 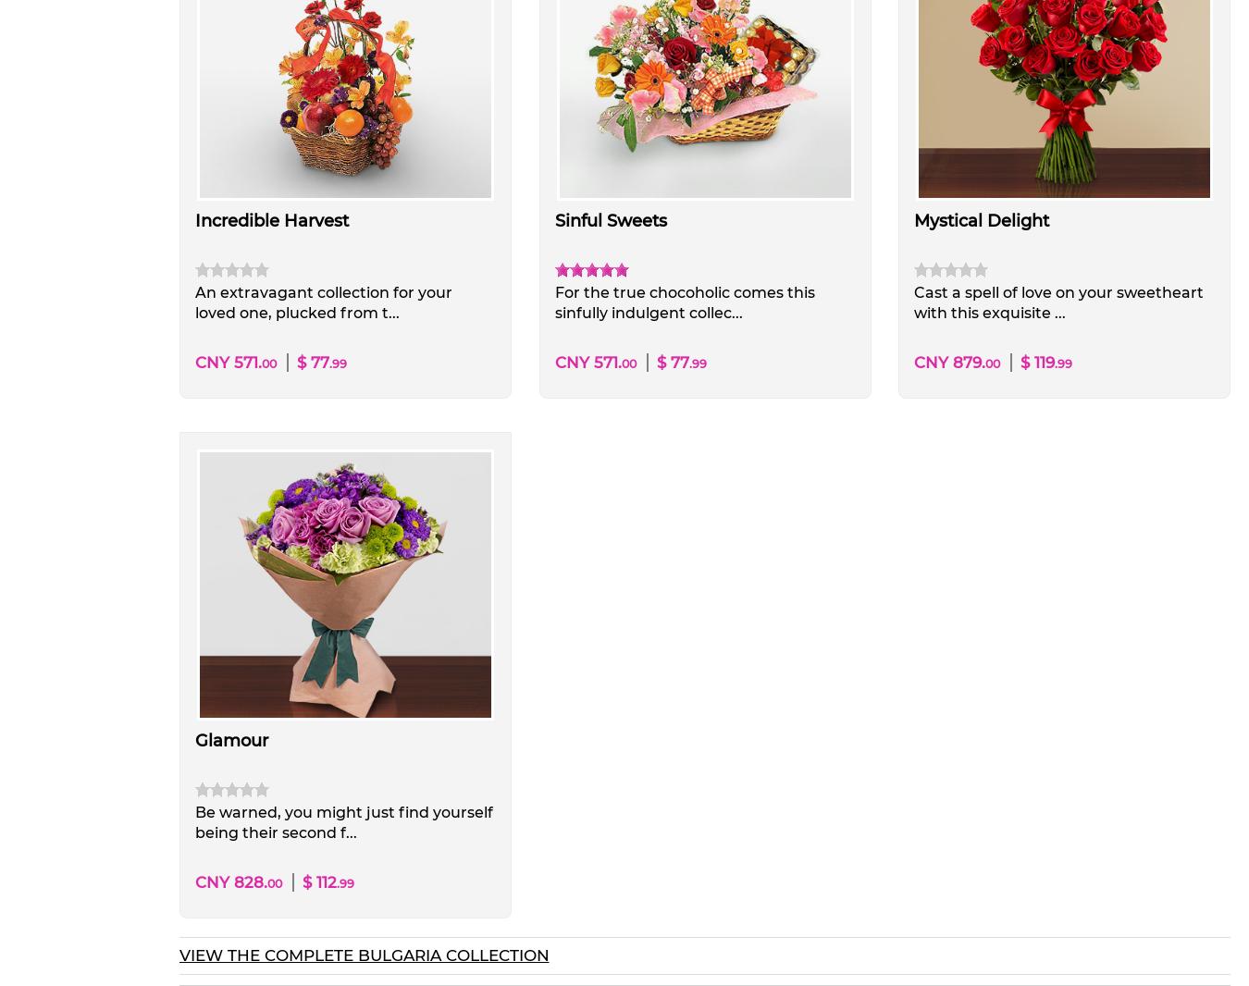 What do you see at coordinates (230, 881) in the screenshot?
I see `'CNY 828.'` at bounding box center [230, 881].